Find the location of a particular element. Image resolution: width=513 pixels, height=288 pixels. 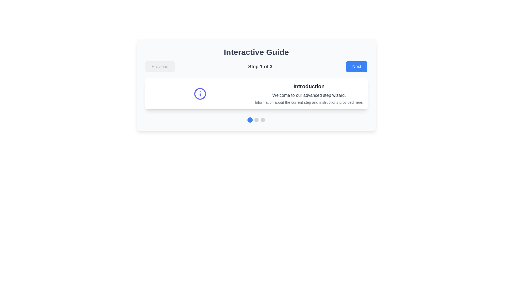

the 'Previous' button, which is a rectangular button with light gray text indicating a disabled state, located on the left side of the interface is located at coordinates (160, 66).